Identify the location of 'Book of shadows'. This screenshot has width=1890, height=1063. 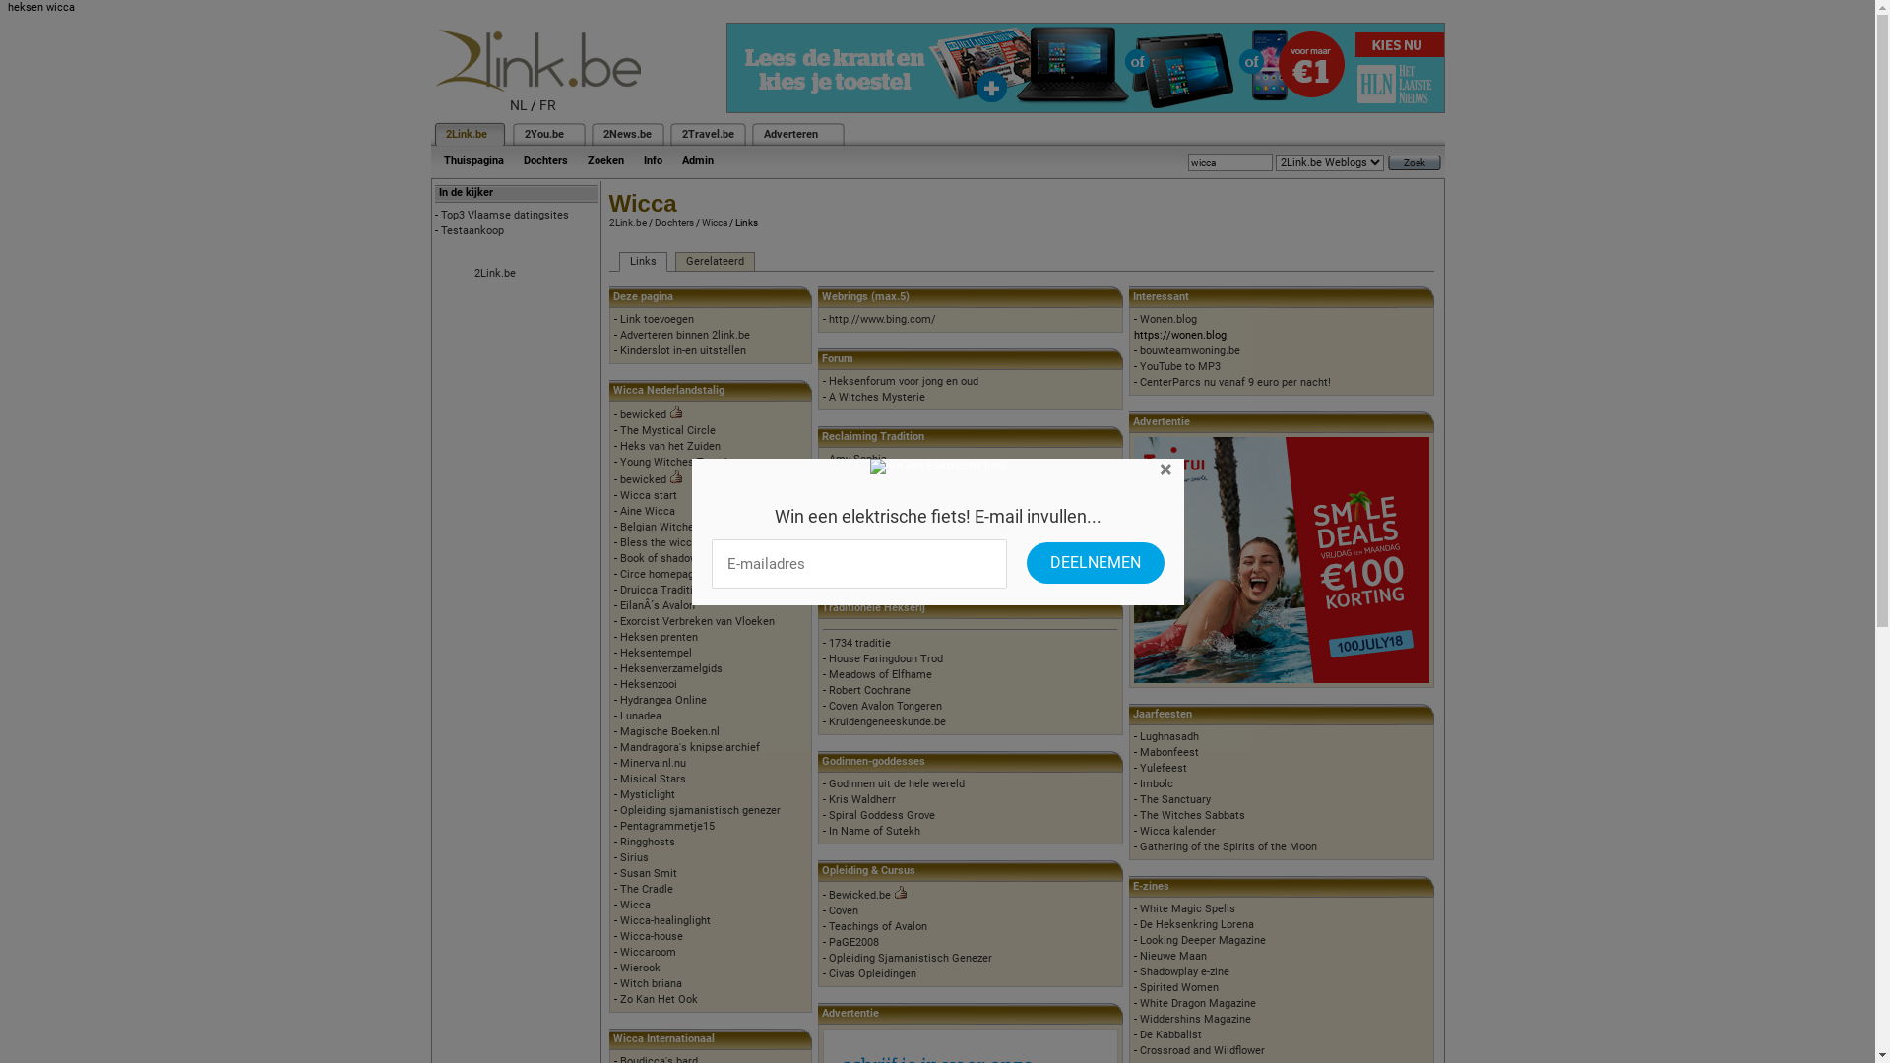
(618, 558).